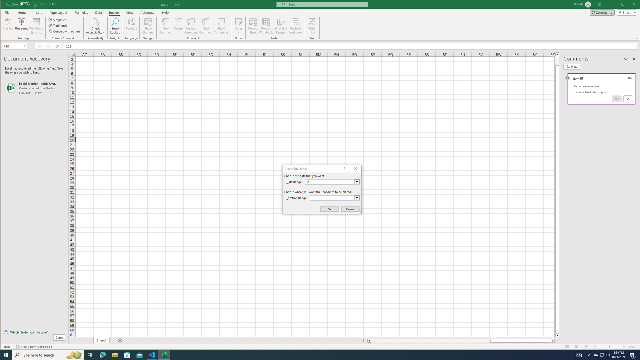 The height and width of the screenshot is (360, 640). What do you see at coordinates (280, 26) in the screenshot?
I see `'Allow Edit Ranges'` at bounding box center [280, 26].